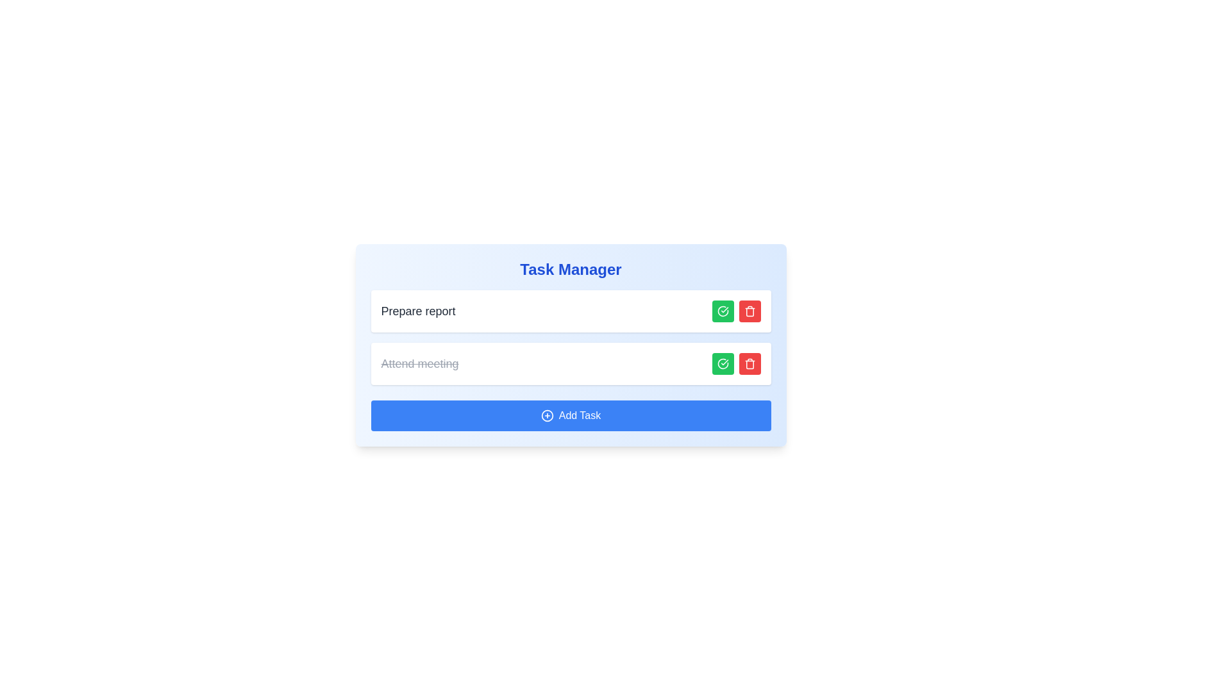 Image resolution: width=1231 pixels, height=692 pixels. What do you see at coordinates (723, 311) in the screenshot?
I see `the circular checkmark icon with a green background located on the right side of the 'Prepare report' task row` at bounding box center [723, 311].